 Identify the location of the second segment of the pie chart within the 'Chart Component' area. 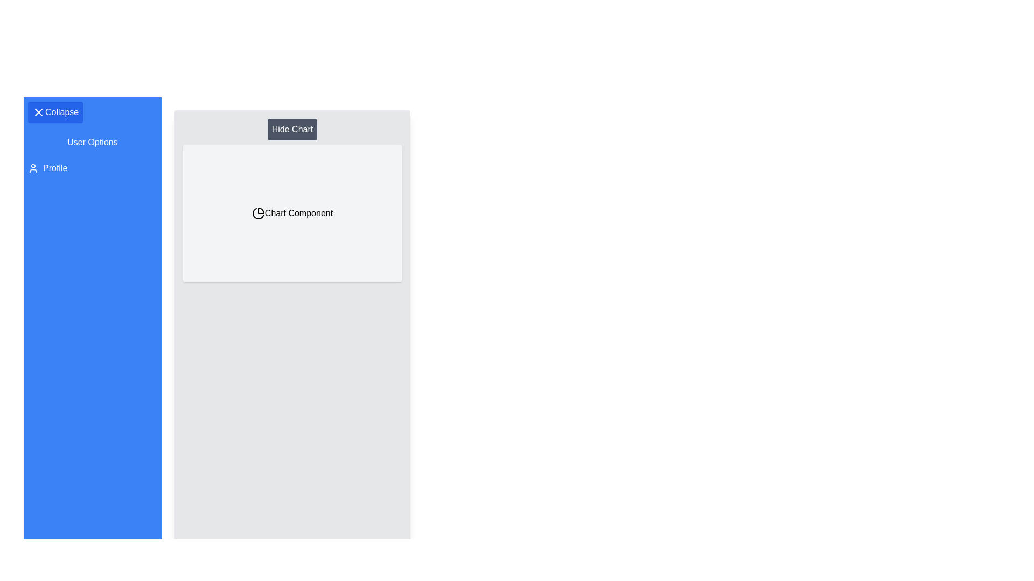
(257, 214).